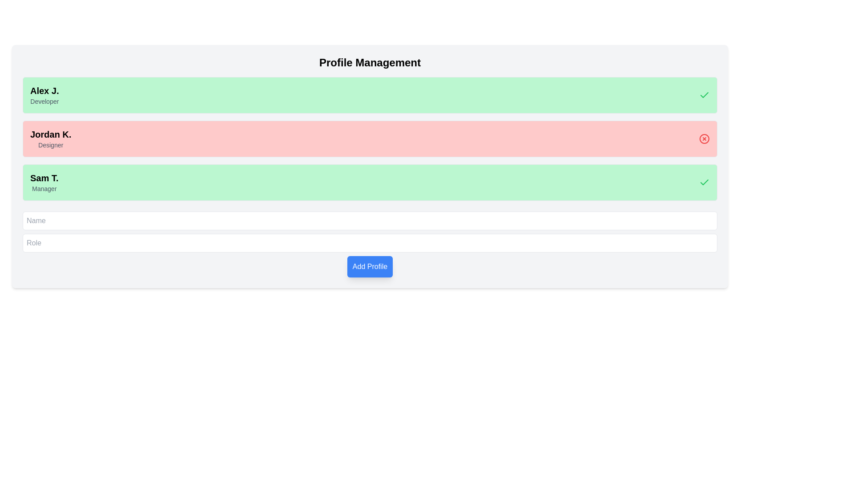 The height and width of the screenshot is (481, 855). Describe the element at coordinates (704, 182) in the screenshot. I see `the confirmation indicator icon located in the top-right corner of the green panel associated with the 'Sam T.' entry` at that location.